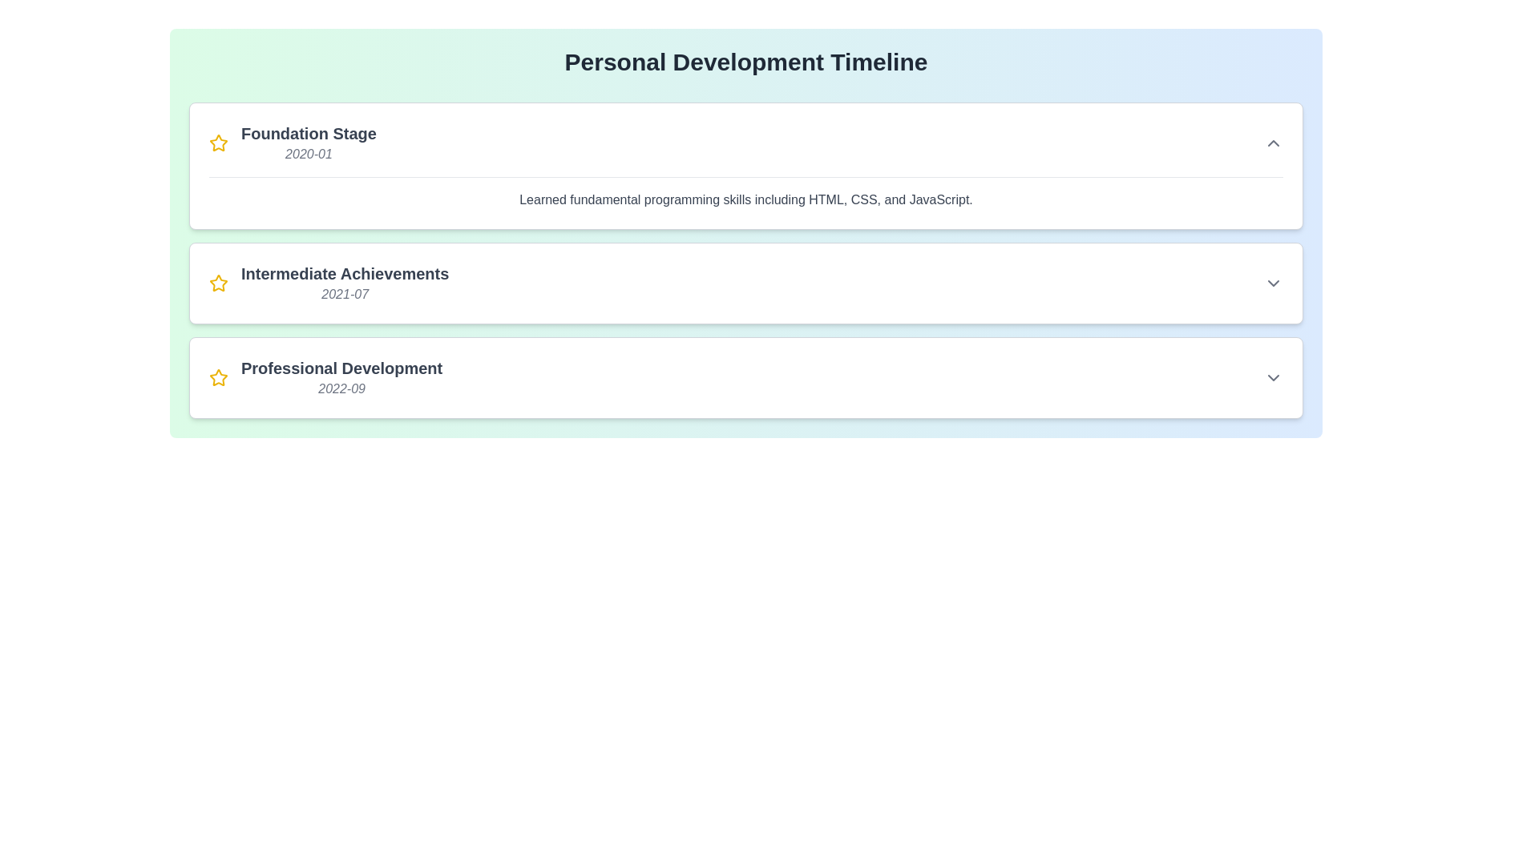  I want to click on the chevron icon at the far right end of the 'Professional Development' section, so click(1272, 377).